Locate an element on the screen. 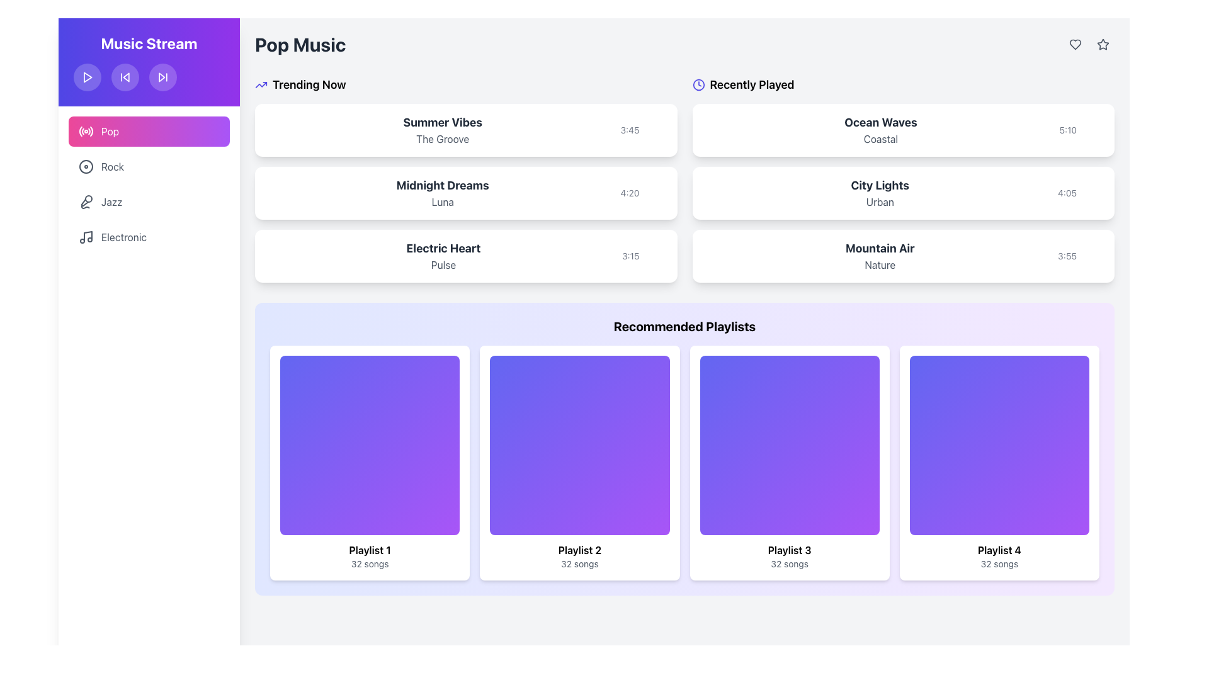 This screenshot has height=680, width=1209. the Thumbnail image representing 'Playlist 1' is located at coordinates (369, 445).